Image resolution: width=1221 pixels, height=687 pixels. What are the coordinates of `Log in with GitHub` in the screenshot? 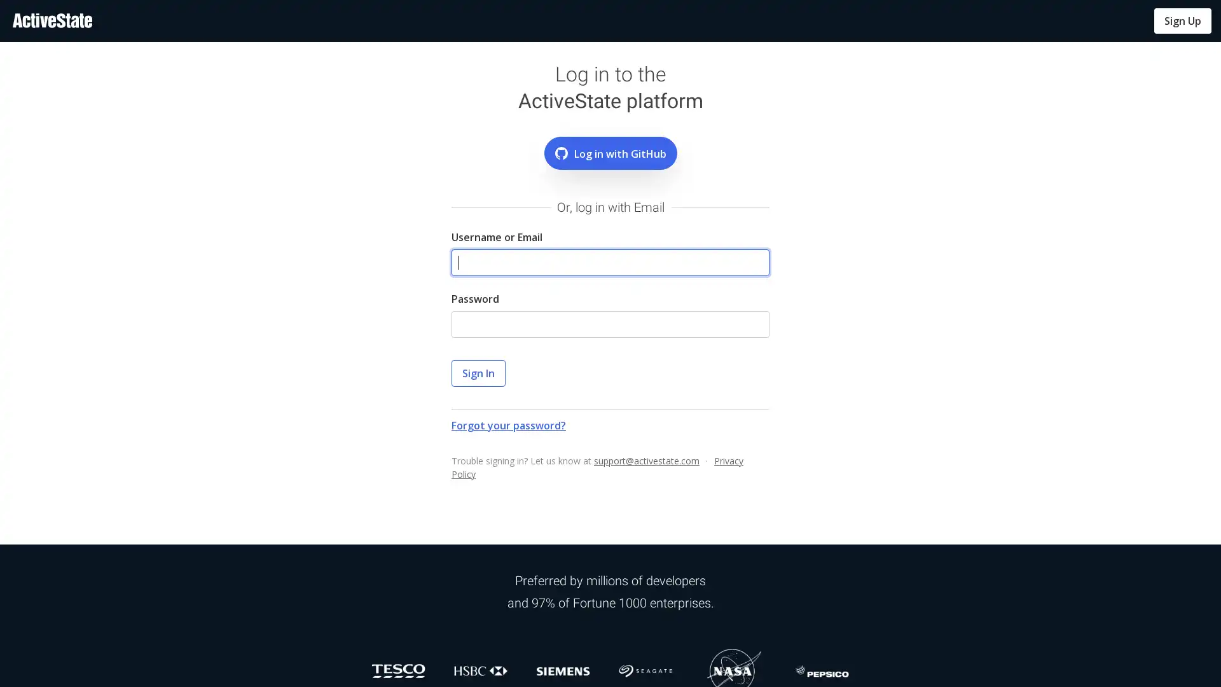 It's located at (609, 152).